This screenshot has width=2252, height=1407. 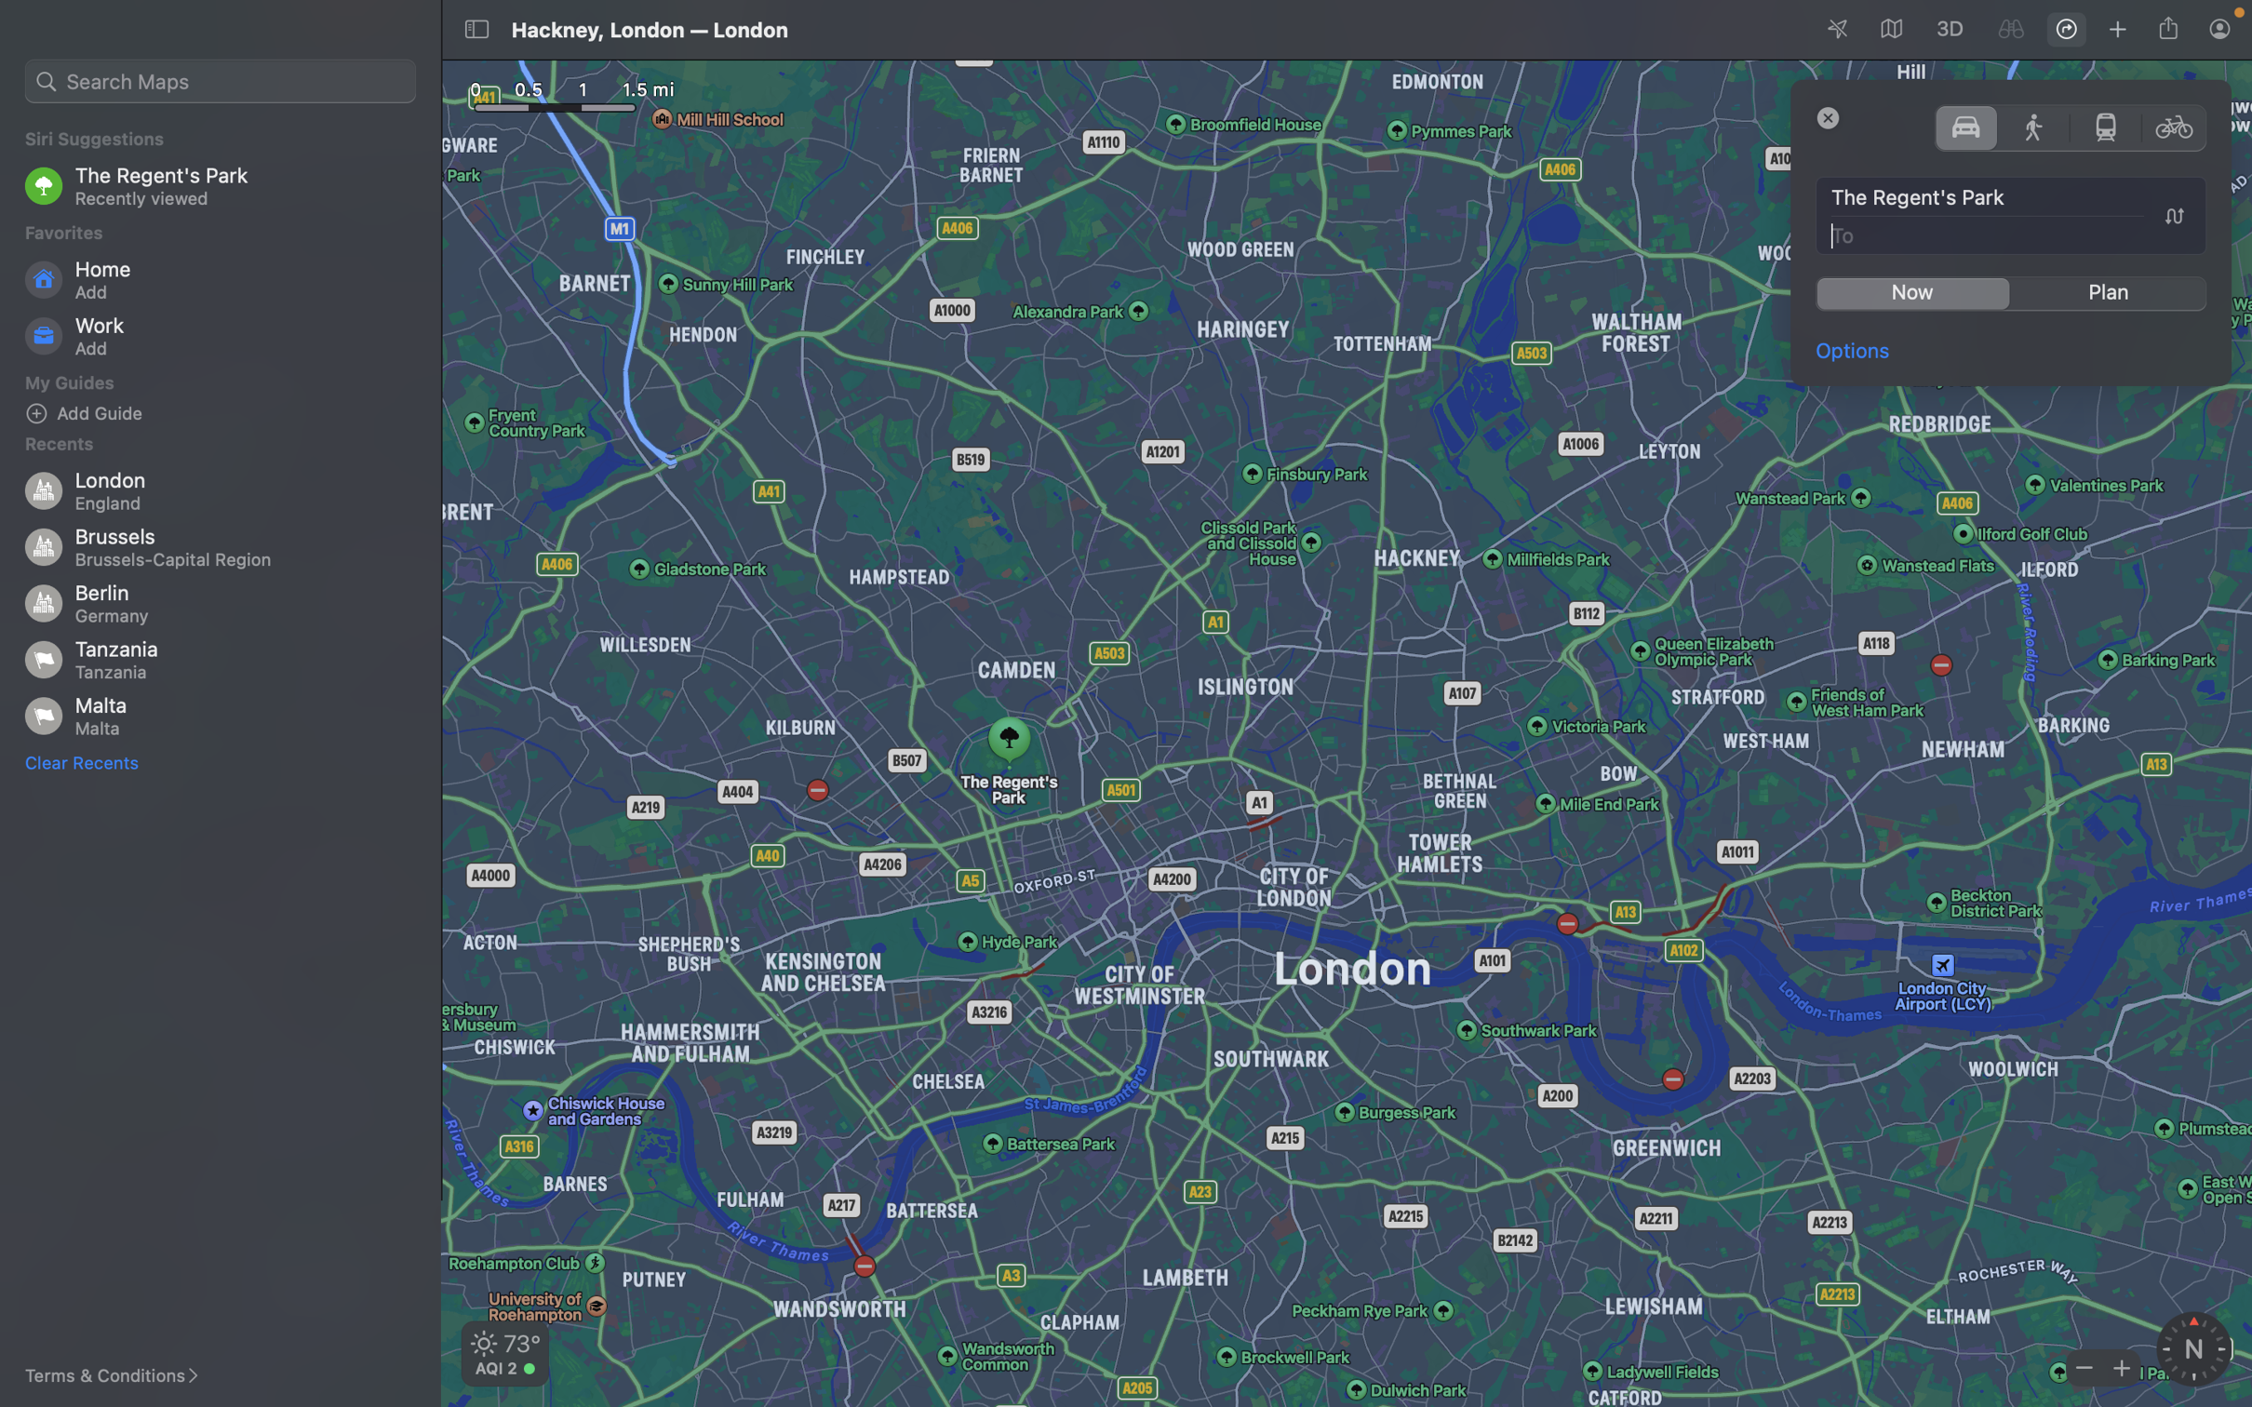 What do you see at coordinates (2012, 234) in the screenshot?
I see `the destination as the the Big Ben` at bounding box center [2012, 234].